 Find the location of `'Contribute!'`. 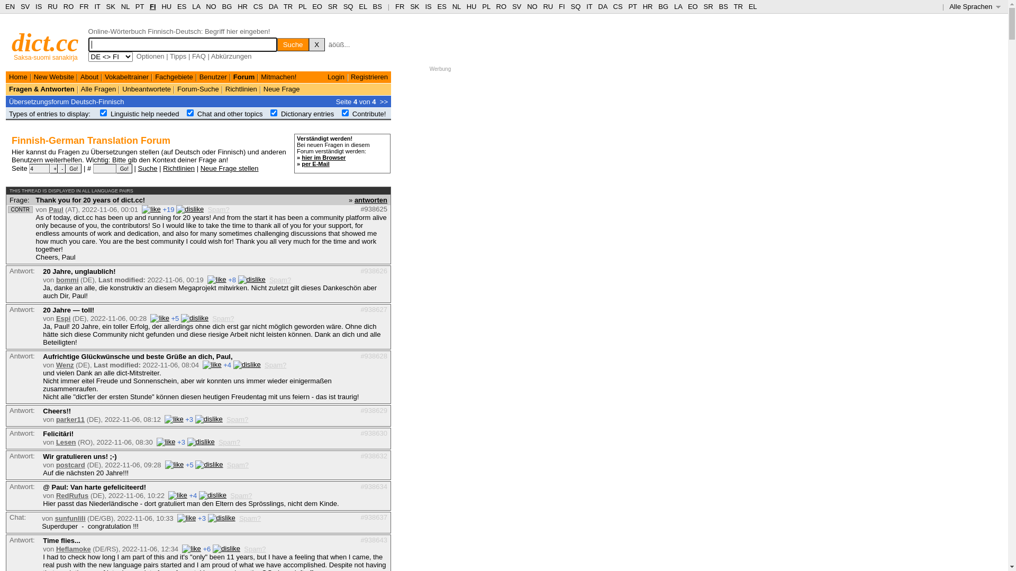

'Contribute!' is located at coordinates (369, 114).